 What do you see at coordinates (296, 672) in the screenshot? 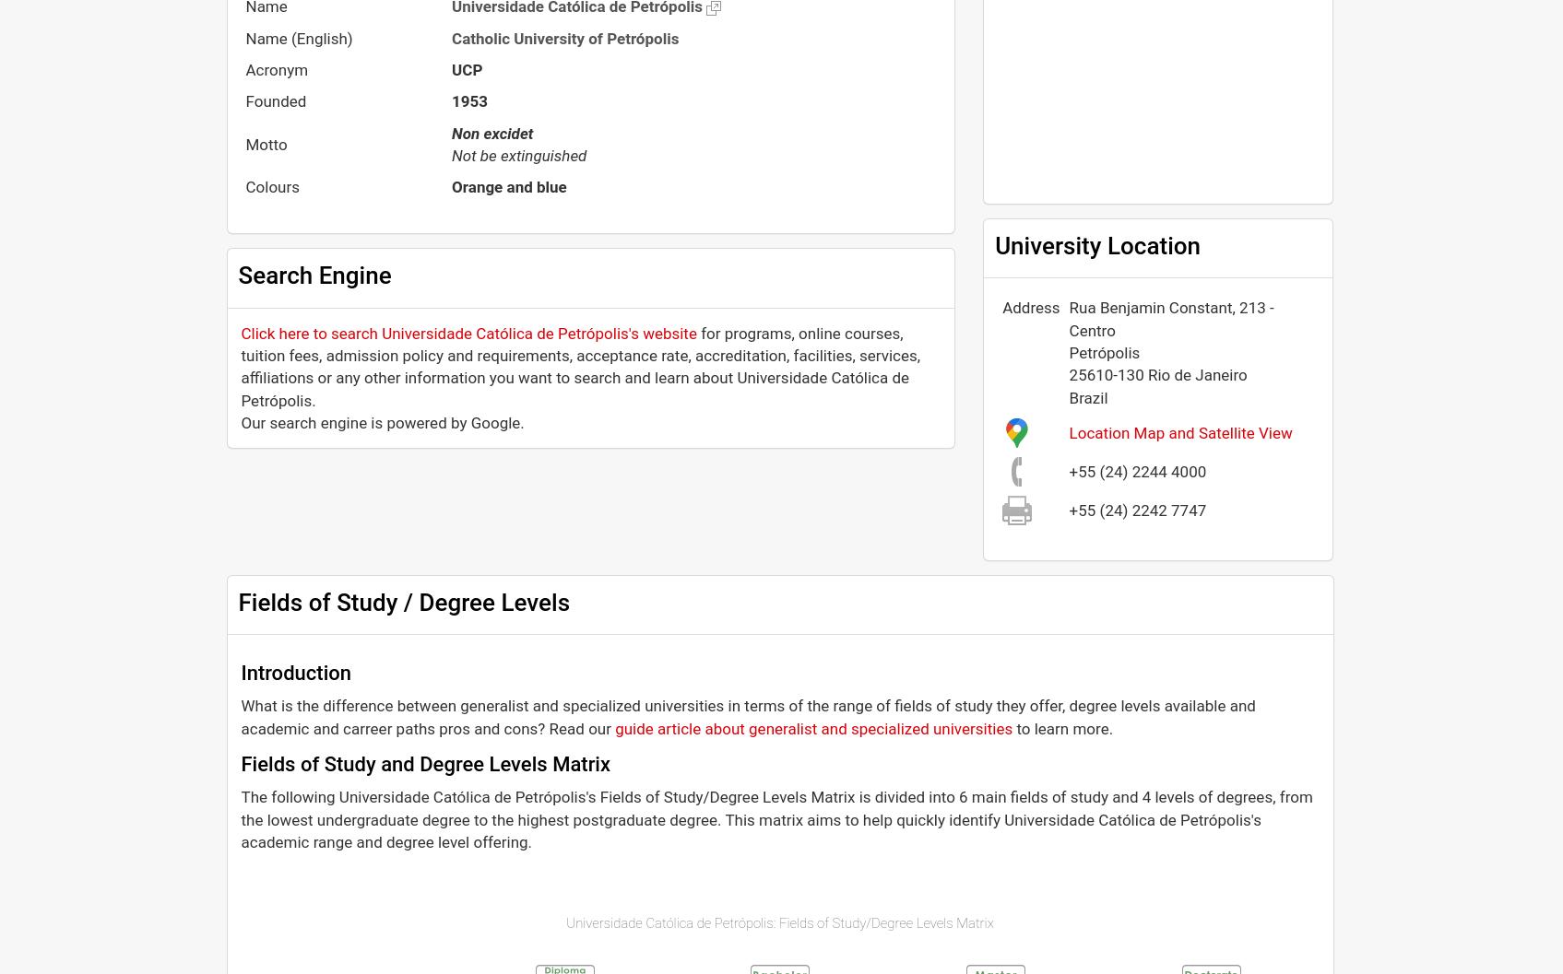
I see `'Introduction'` at bounding box center [296, 672].